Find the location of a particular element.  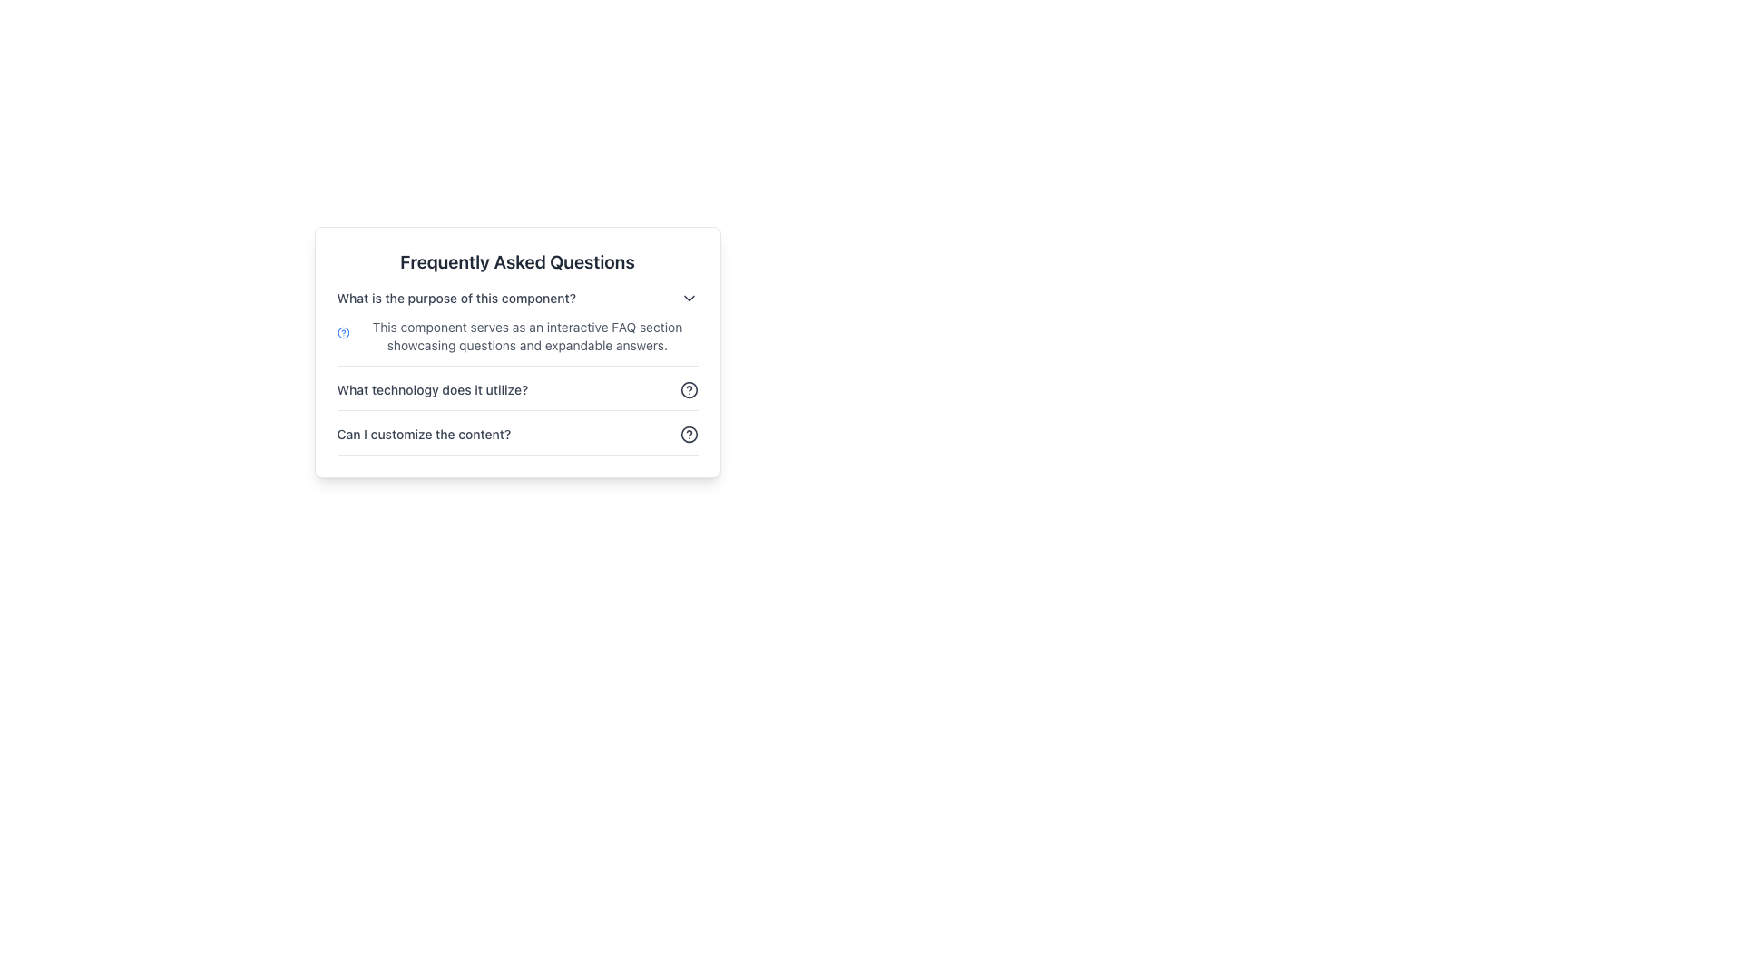

the information/help icon located to the right of the text 'What technology does it utilize?' is located at coordinates (688, 388).